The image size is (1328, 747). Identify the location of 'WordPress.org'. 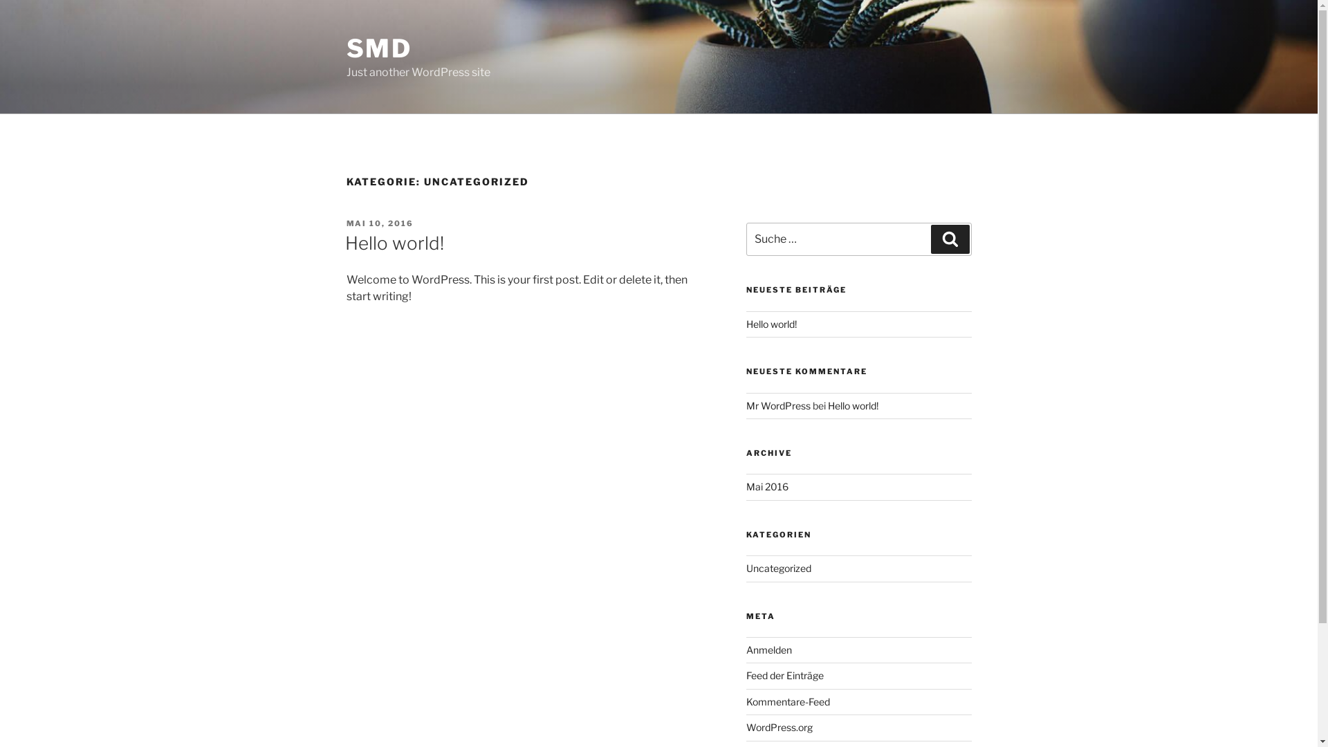
(780, 726).